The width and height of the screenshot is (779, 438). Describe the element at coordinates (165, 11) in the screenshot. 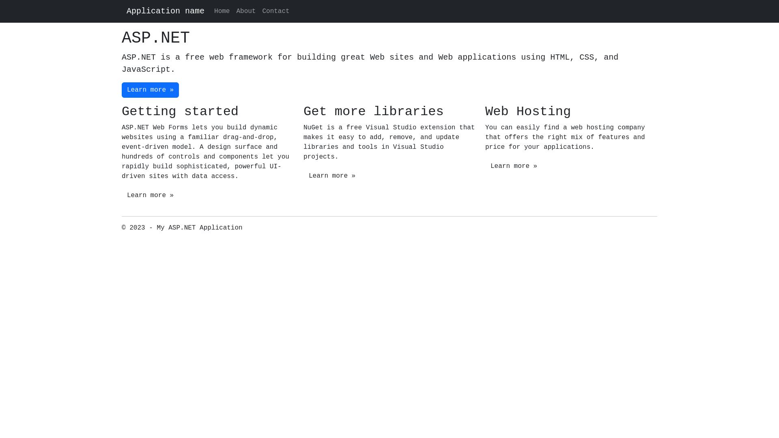

I see `'Application name'` at that location.